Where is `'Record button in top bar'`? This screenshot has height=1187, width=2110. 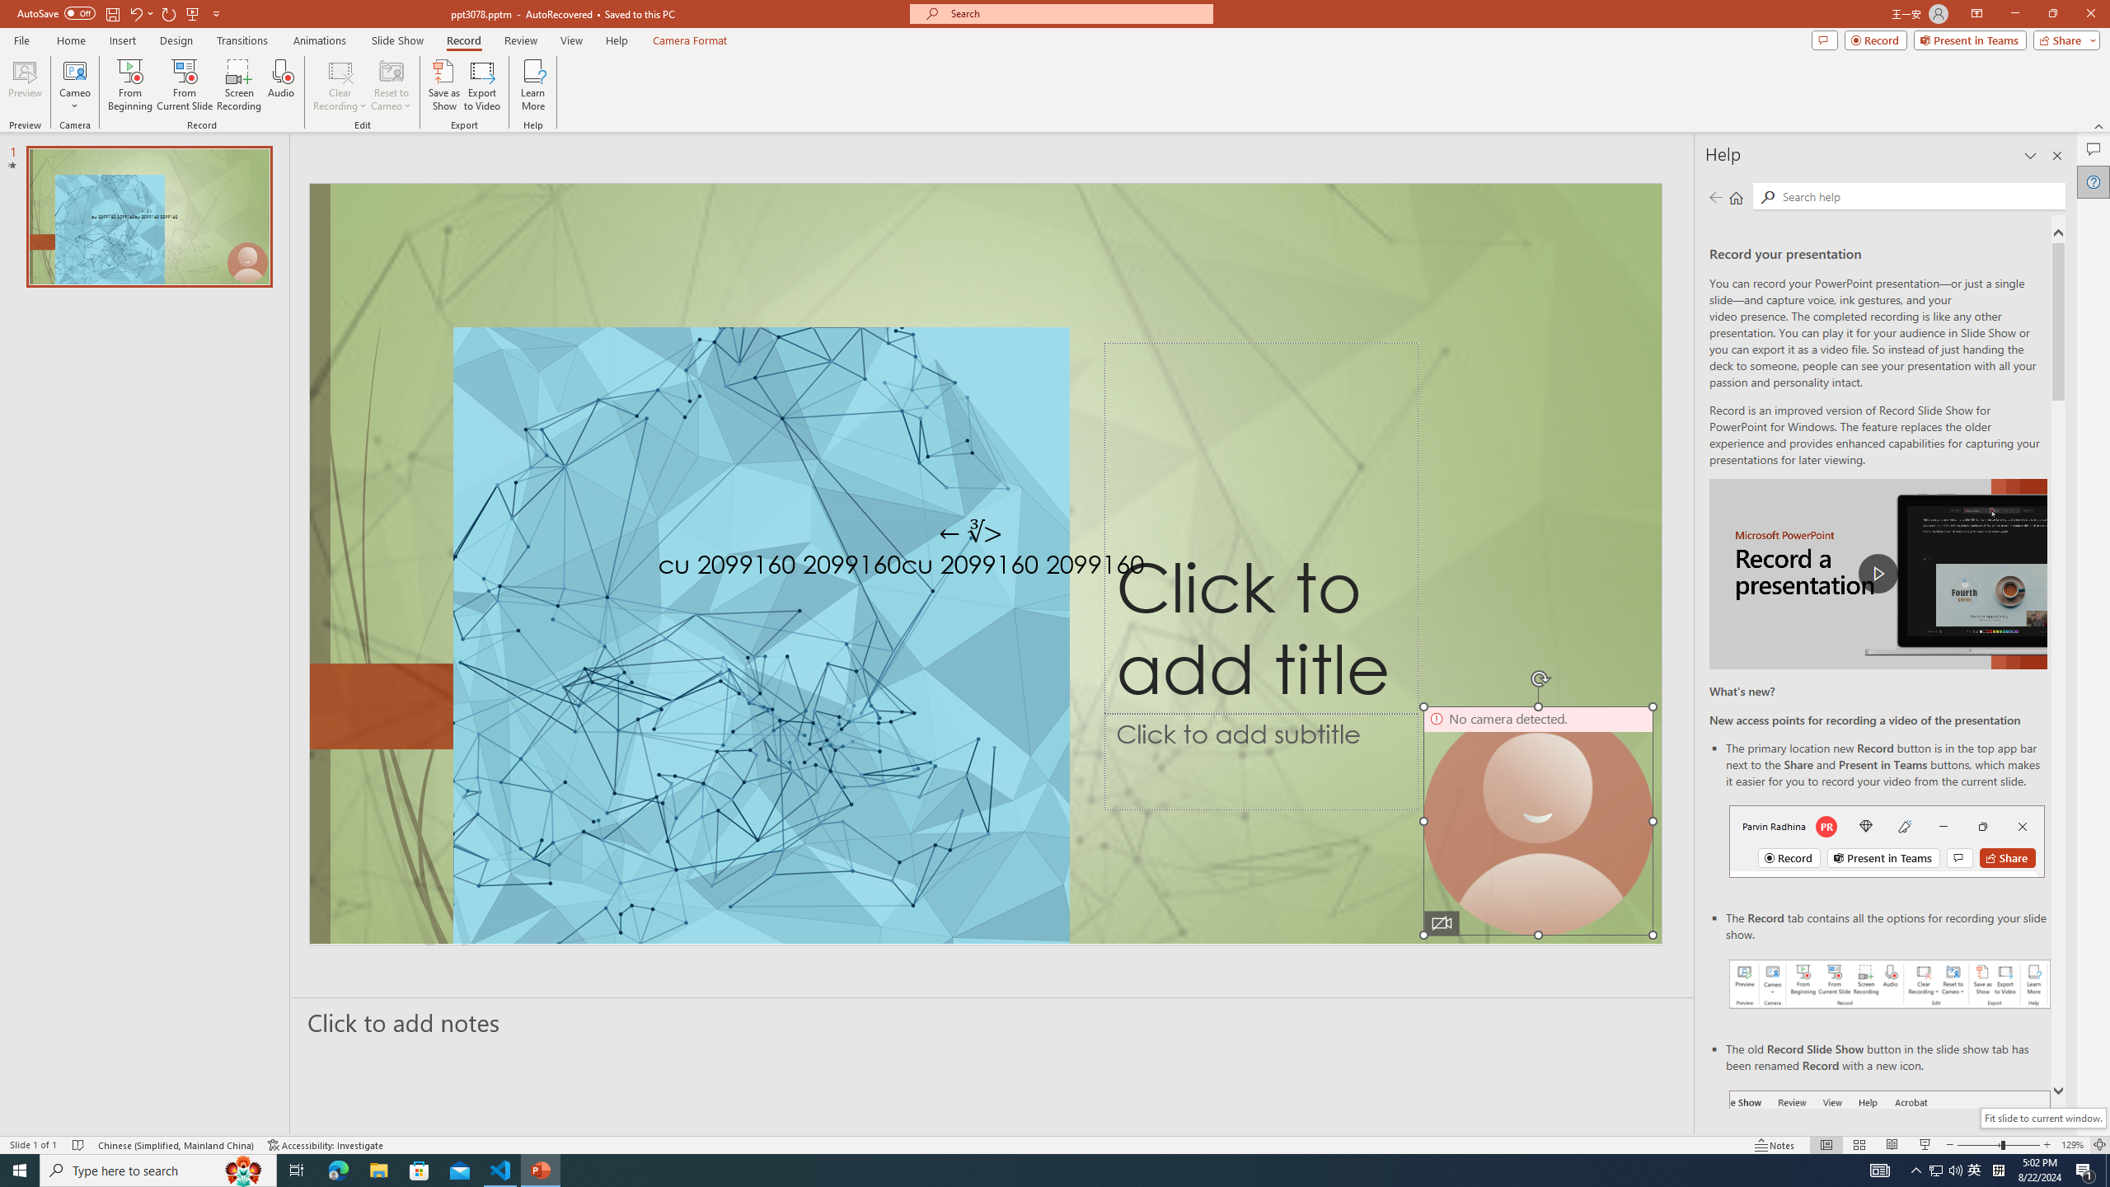
'Record button in top bar' is located at coordinates (1886, 840).